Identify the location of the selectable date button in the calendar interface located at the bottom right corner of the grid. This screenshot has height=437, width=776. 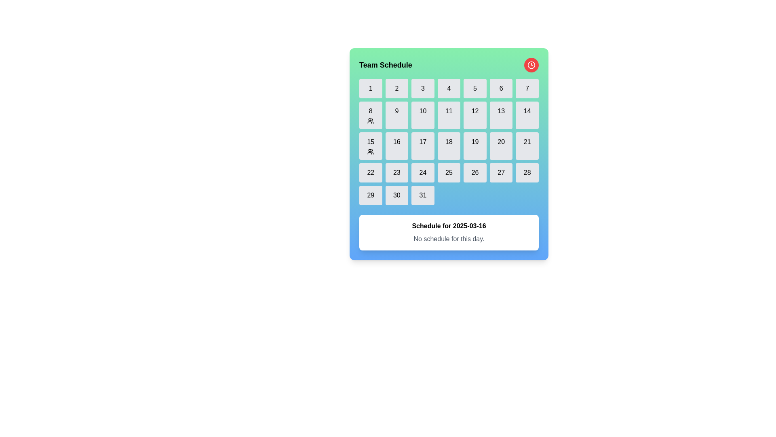
(422, 195).